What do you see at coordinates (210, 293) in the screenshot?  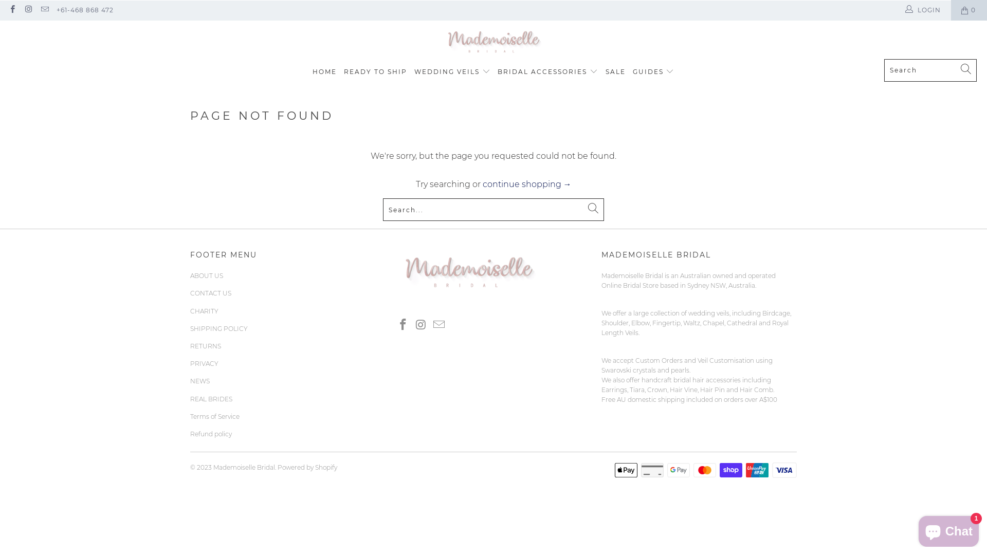 I see `'CONTACT US'` at bounding box center [210, 293].